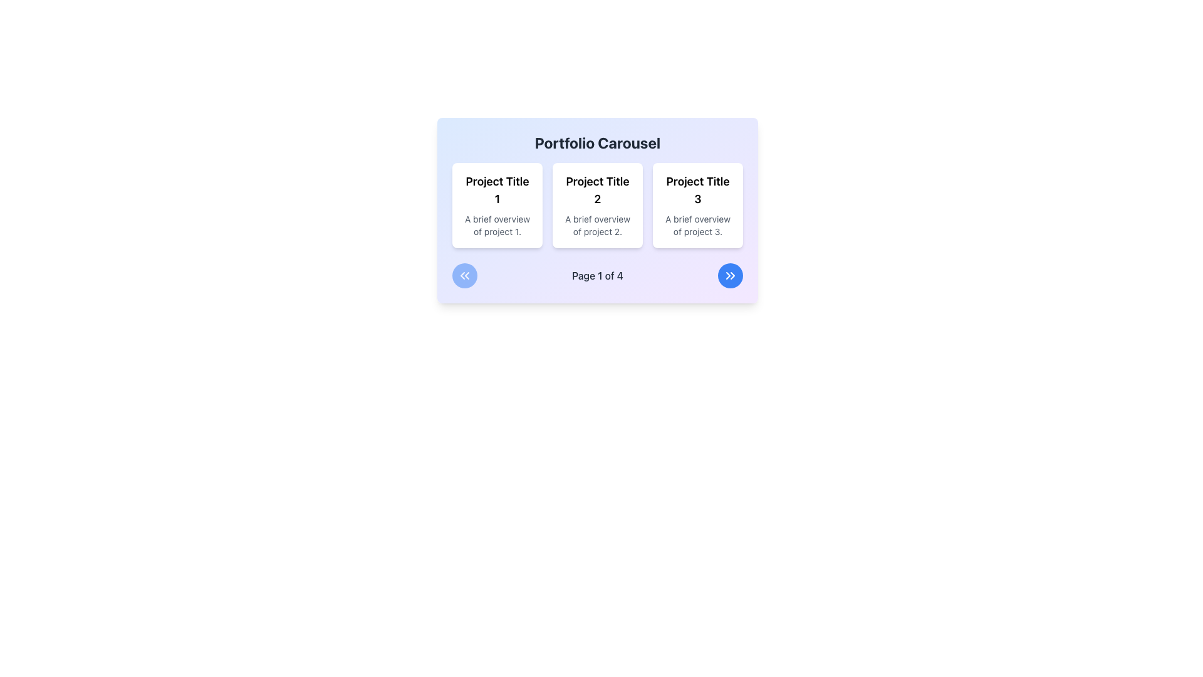 This screenshot has height=677, width=1203. I want to click on the second chevron icon in the right-side navigation button of the carousel, which allows the user to navigate to the next set of projects, so click(732, 275).